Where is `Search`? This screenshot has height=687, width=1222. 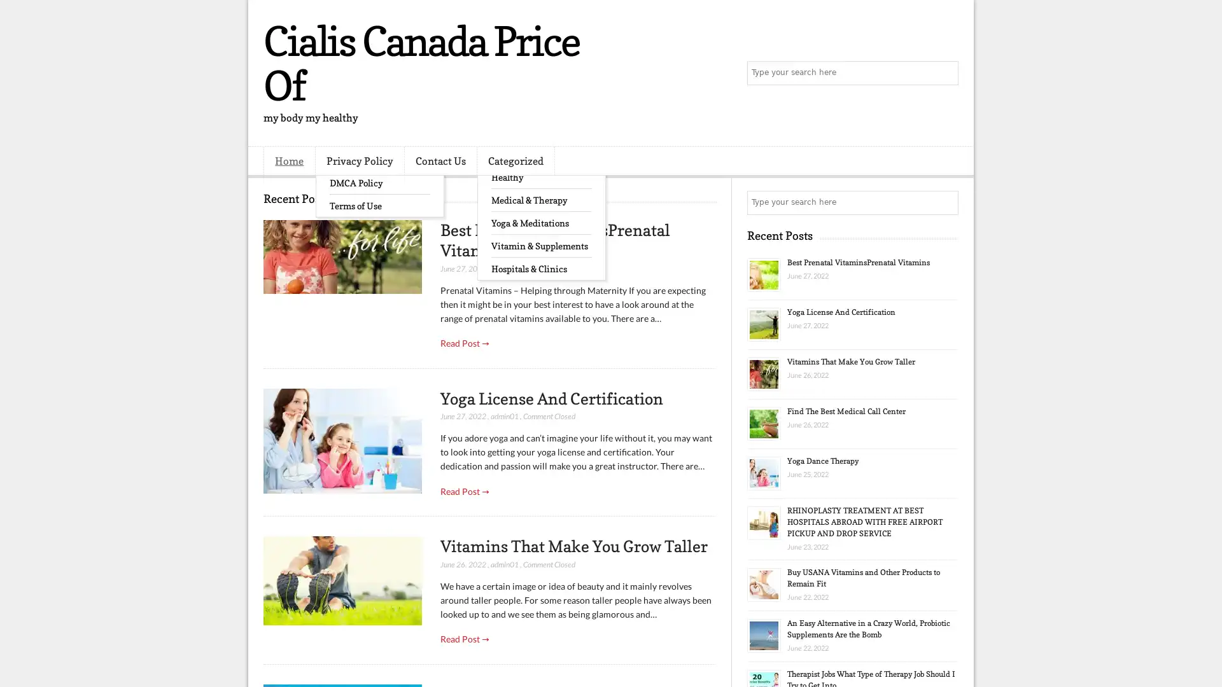
Search is located at coordinates (945, 73).